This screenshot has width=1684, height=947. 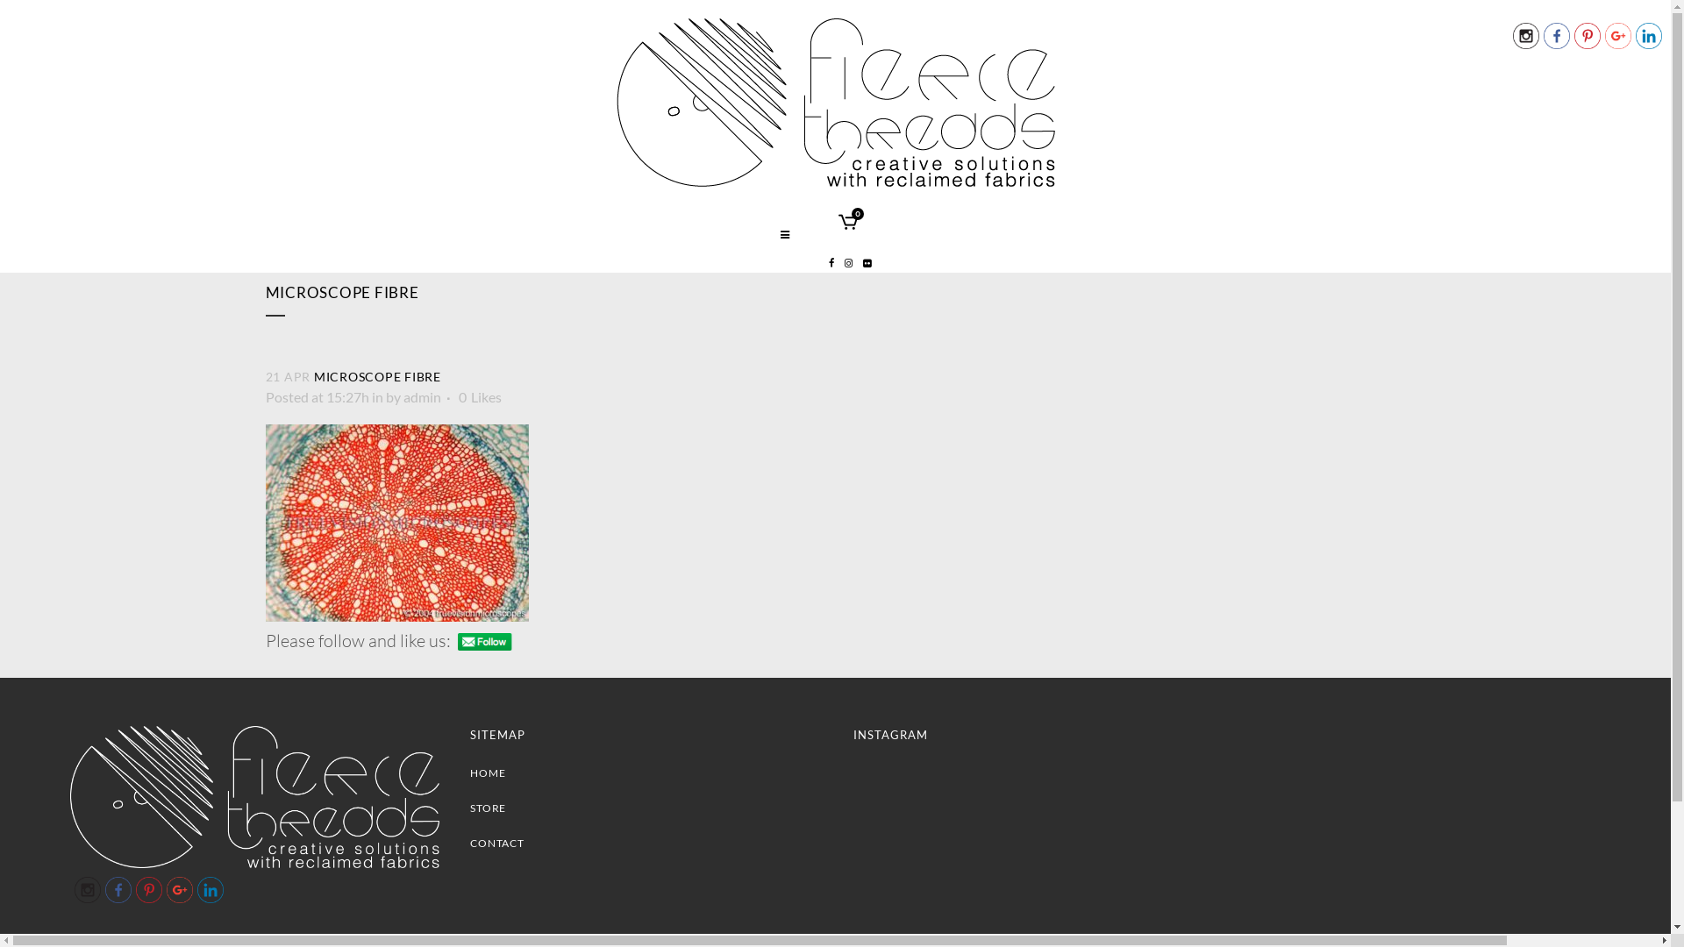 I want to click on 'Pinterest', so click(x=1587, y=36).